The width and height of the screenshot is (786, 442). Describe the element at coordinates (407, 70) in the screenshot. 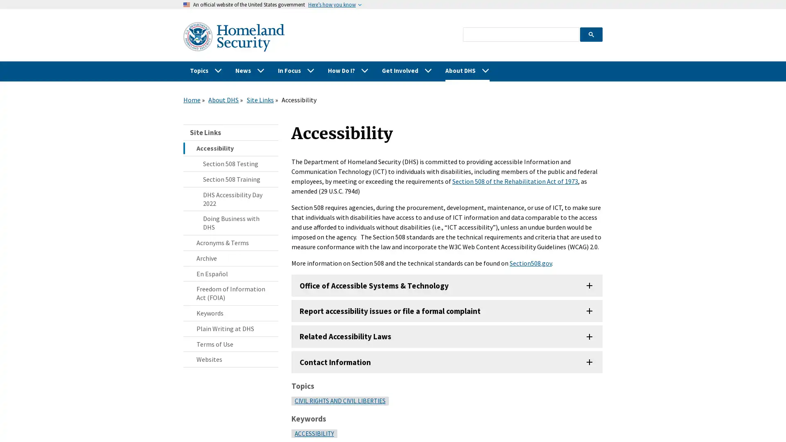

I see `Get Involved` at that location.